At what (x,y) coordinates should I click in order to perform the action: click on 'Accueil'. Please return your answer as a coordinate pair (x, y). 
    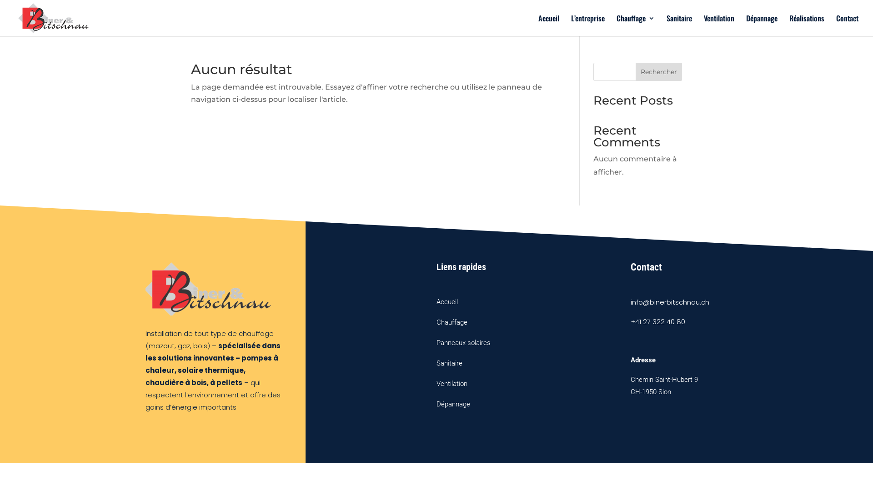
    Looking at the image, I should click on (548, 25).